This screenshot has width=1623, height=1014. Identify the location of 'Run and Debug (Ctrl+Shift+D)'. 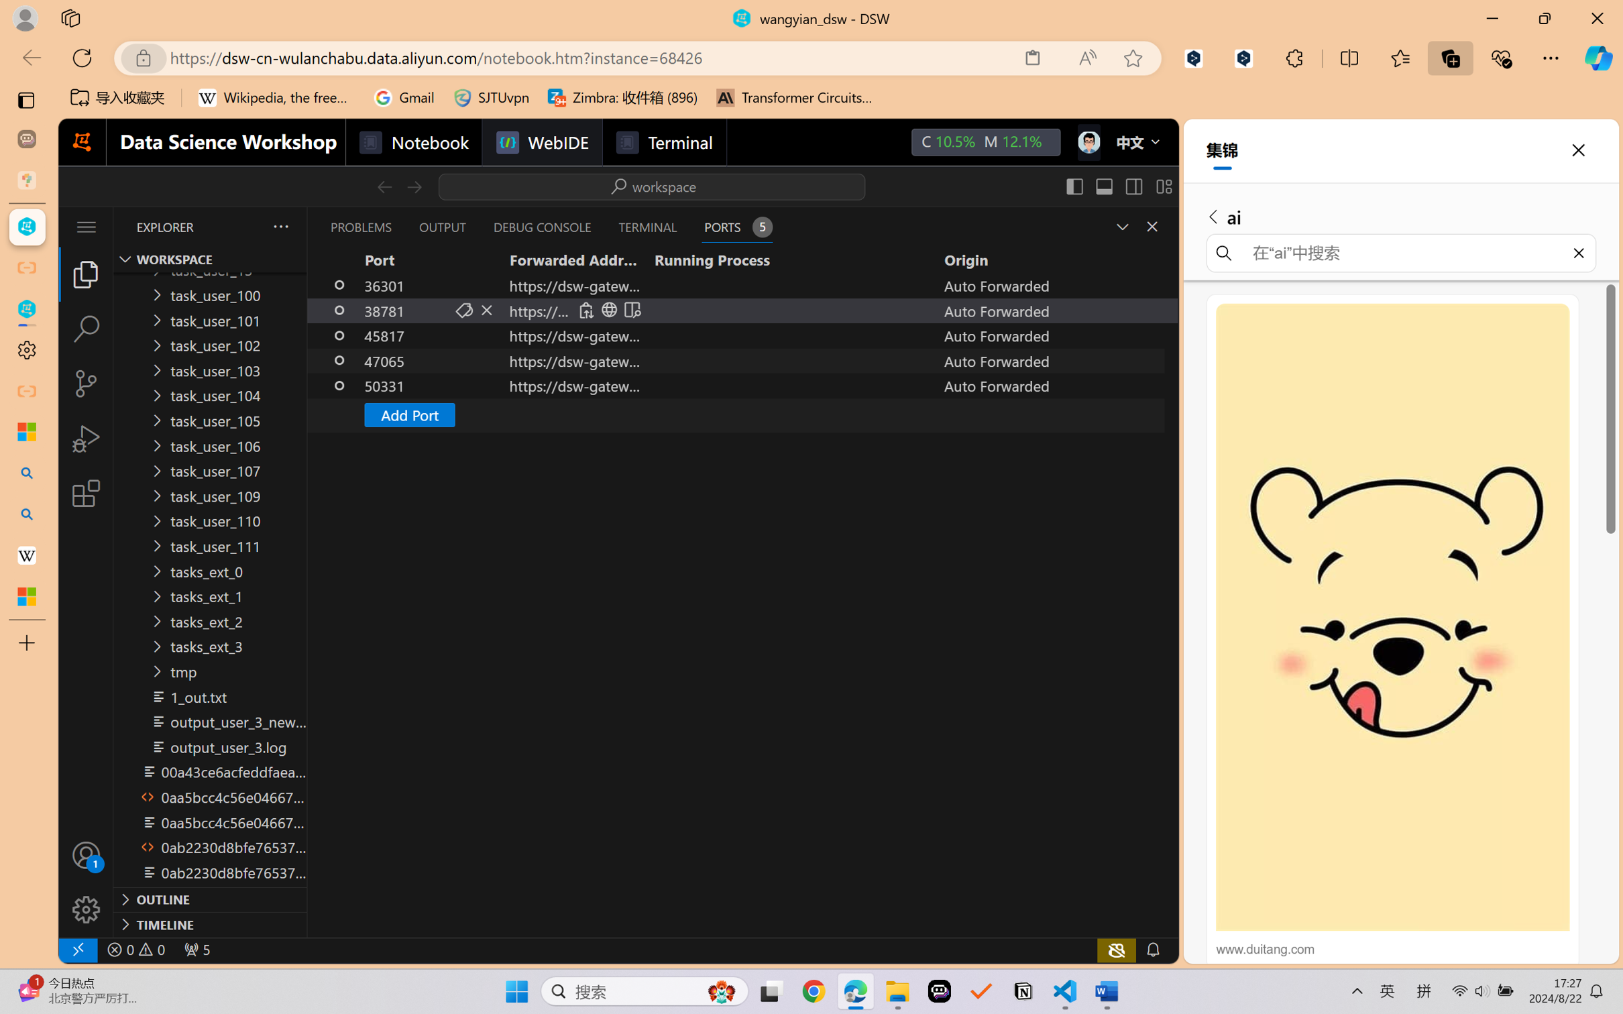
(85, 438).